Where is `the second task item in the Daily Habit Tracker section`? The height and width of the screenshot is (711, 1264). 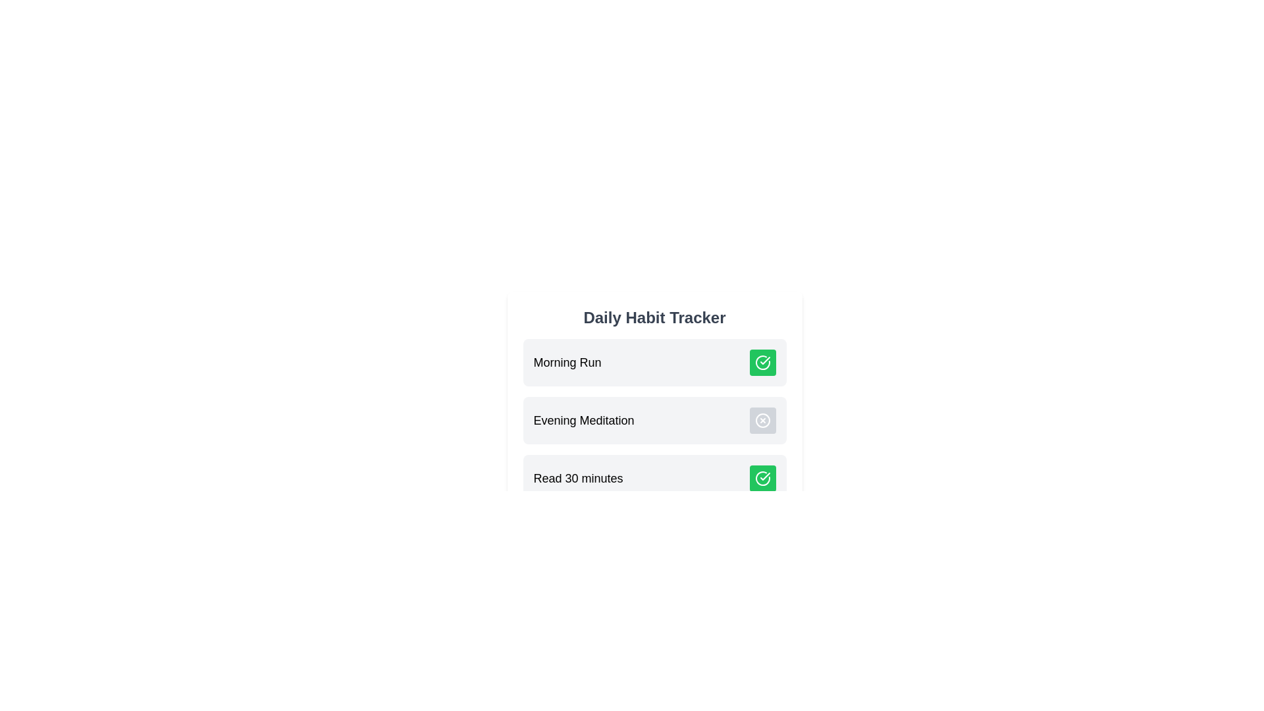 the second task item in the Daily Habit Tracker section is located at coordinates (654, 421).